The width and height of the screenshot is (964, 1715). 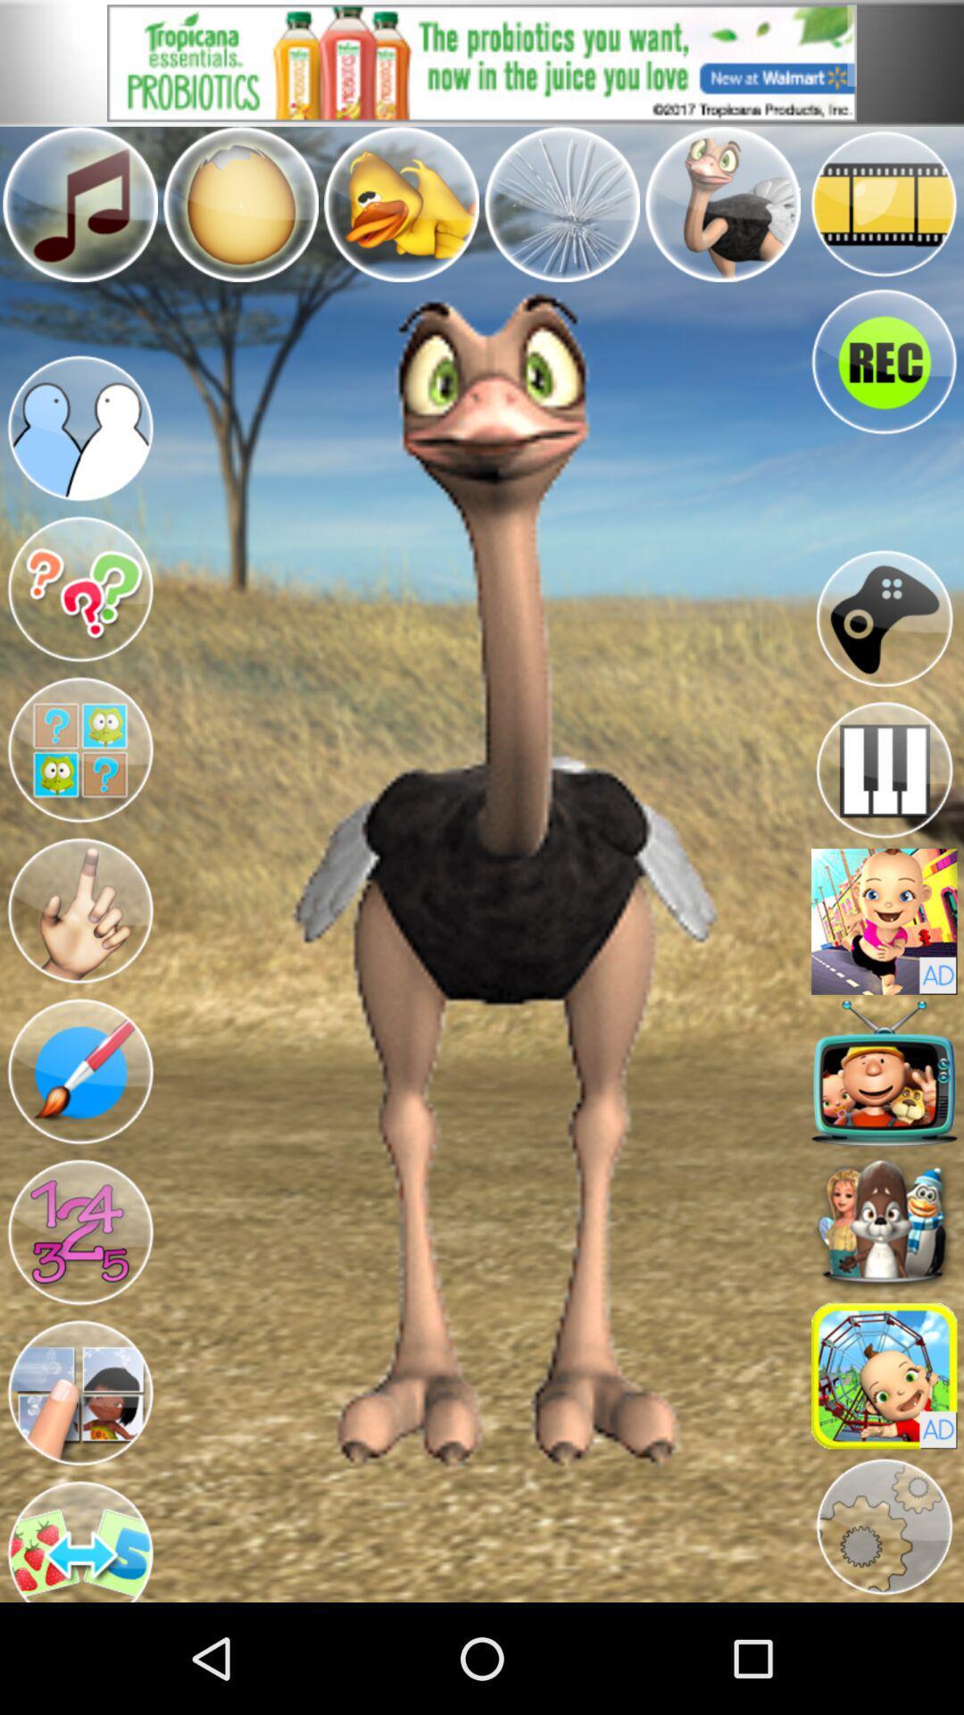 I want to click on the edit icon, so click(x=79, y=1147).